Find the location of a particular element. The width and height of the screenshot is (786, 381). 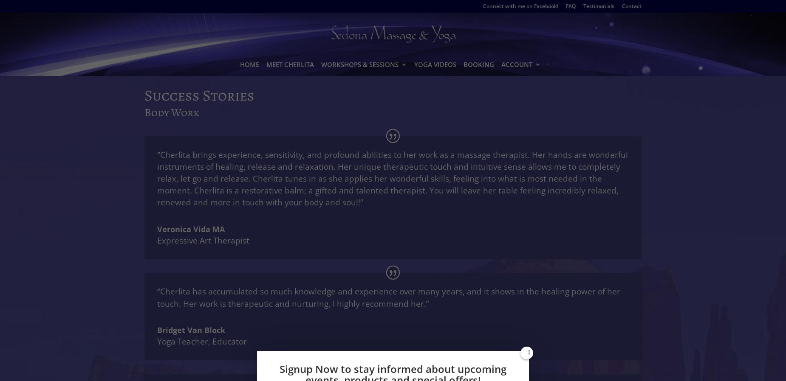

'Expressive Art Therapist' is located at coordinates (203, 240).